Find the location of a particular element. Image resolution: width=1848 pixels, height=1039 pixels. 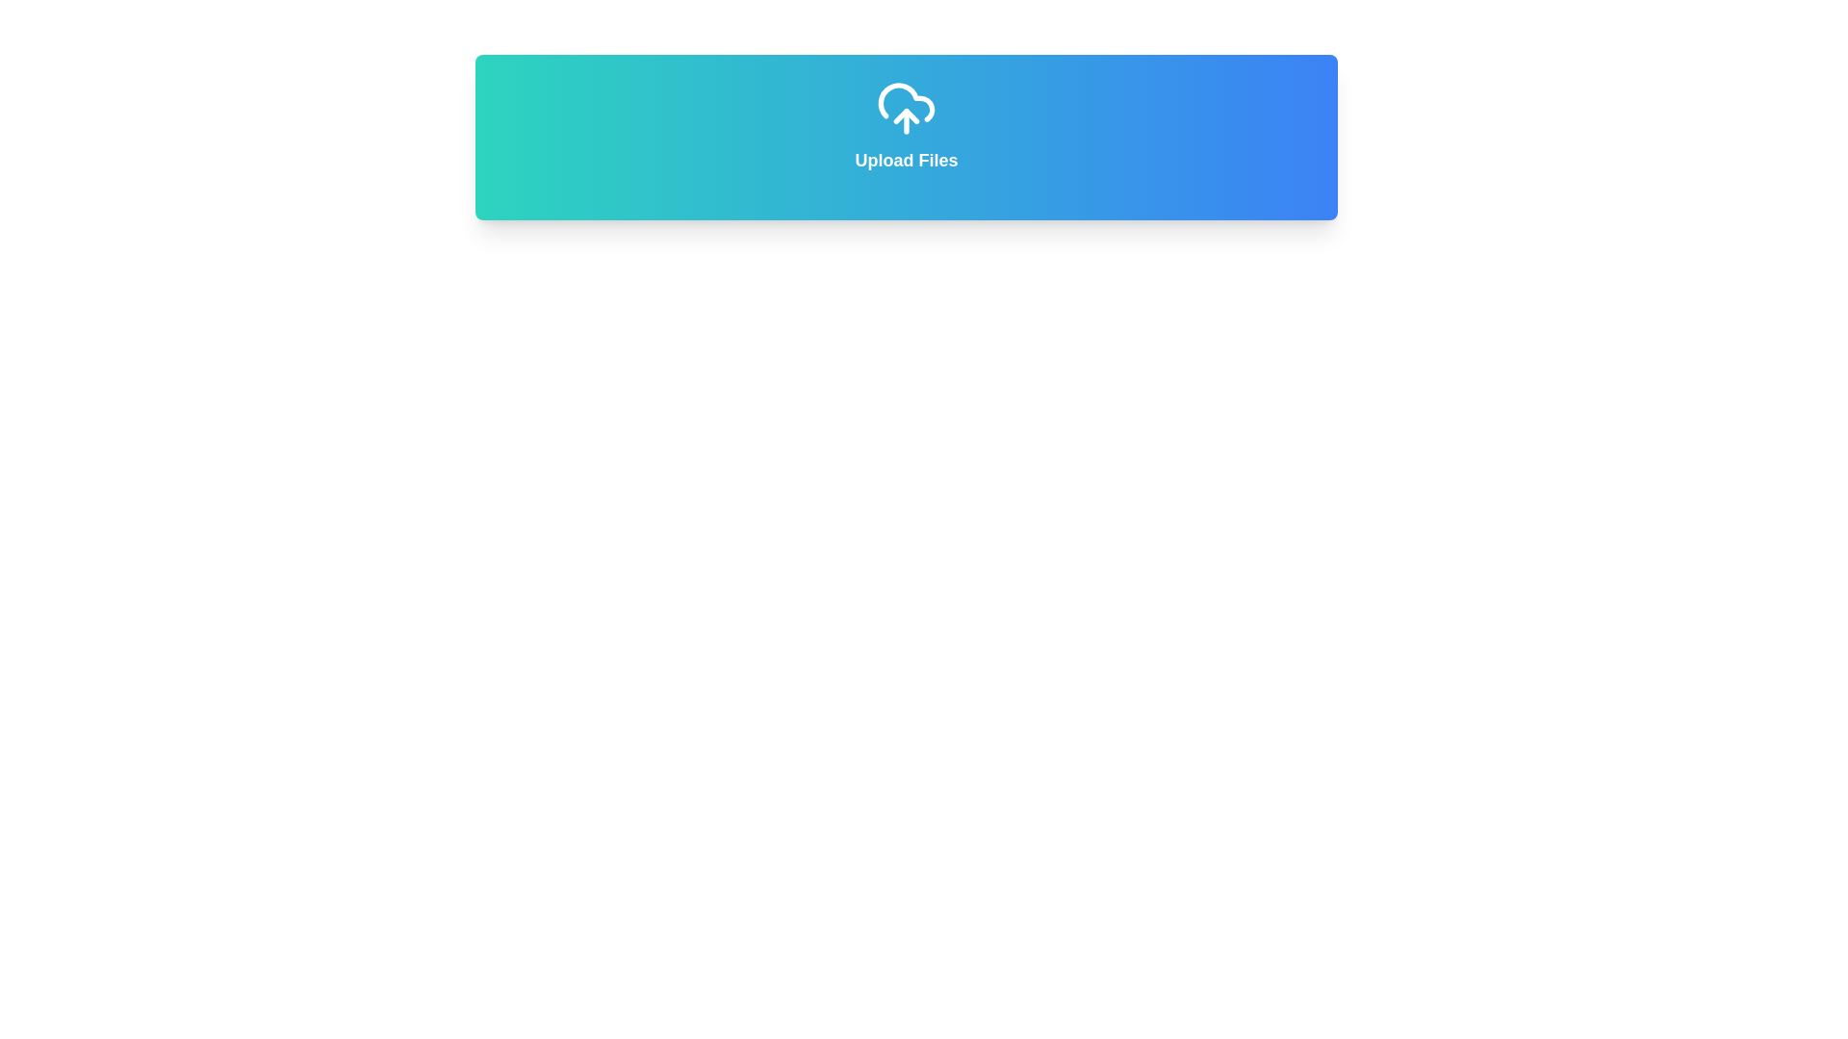

the static text label indicating the file uploading section, which is centrally positioned beneath the upload icon in the gradient header is located at coordinates (905, 159).